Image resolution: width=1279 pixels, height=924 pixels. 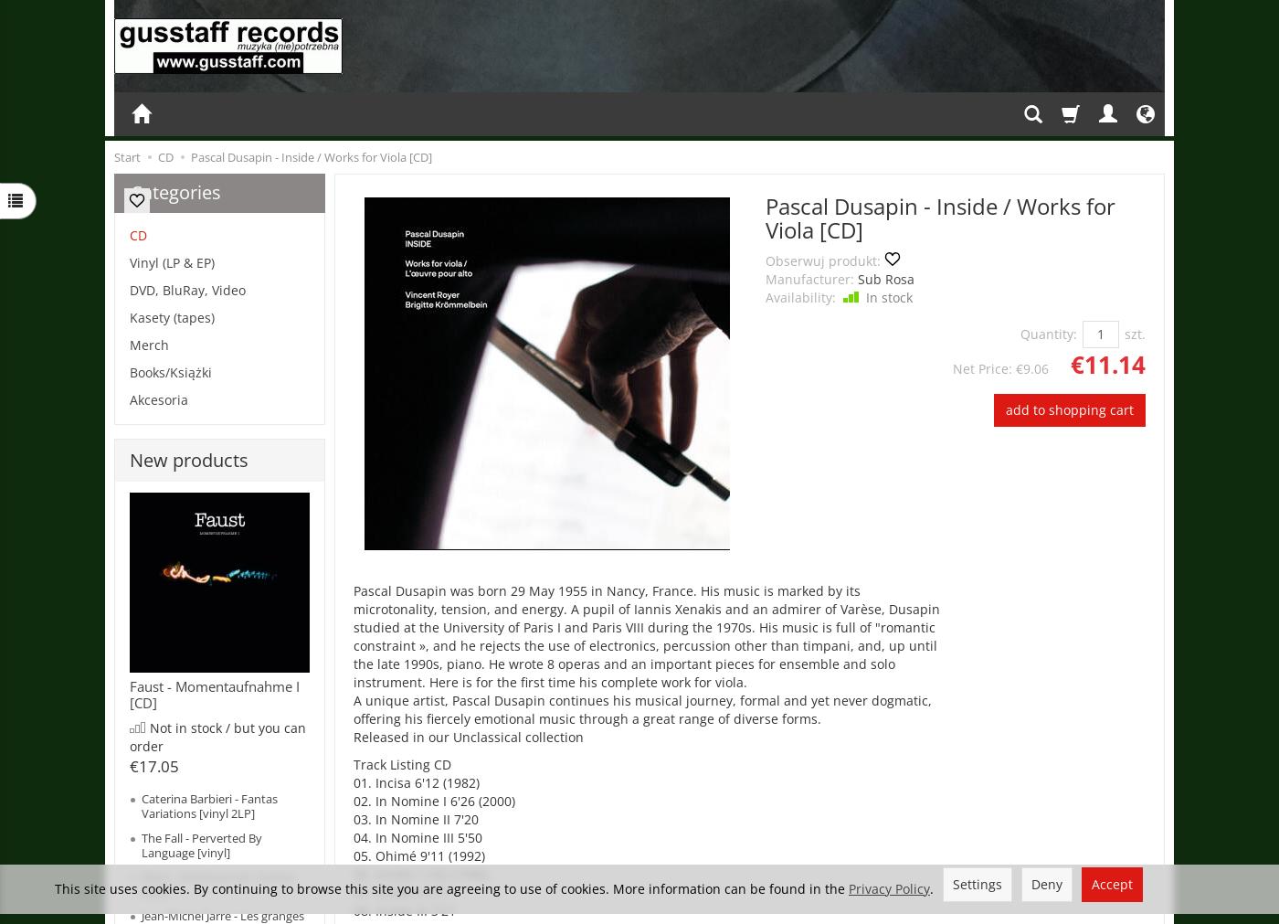 I want to click on 'New products', so click(x=189, y=458).